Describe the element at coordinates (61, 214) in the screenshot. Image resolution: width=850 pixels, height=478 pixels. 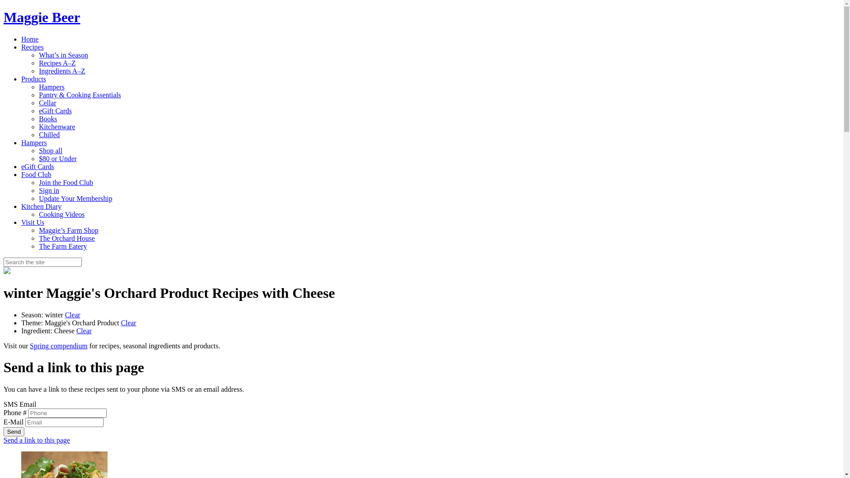
I see `'Cooking Videos'` at that location.